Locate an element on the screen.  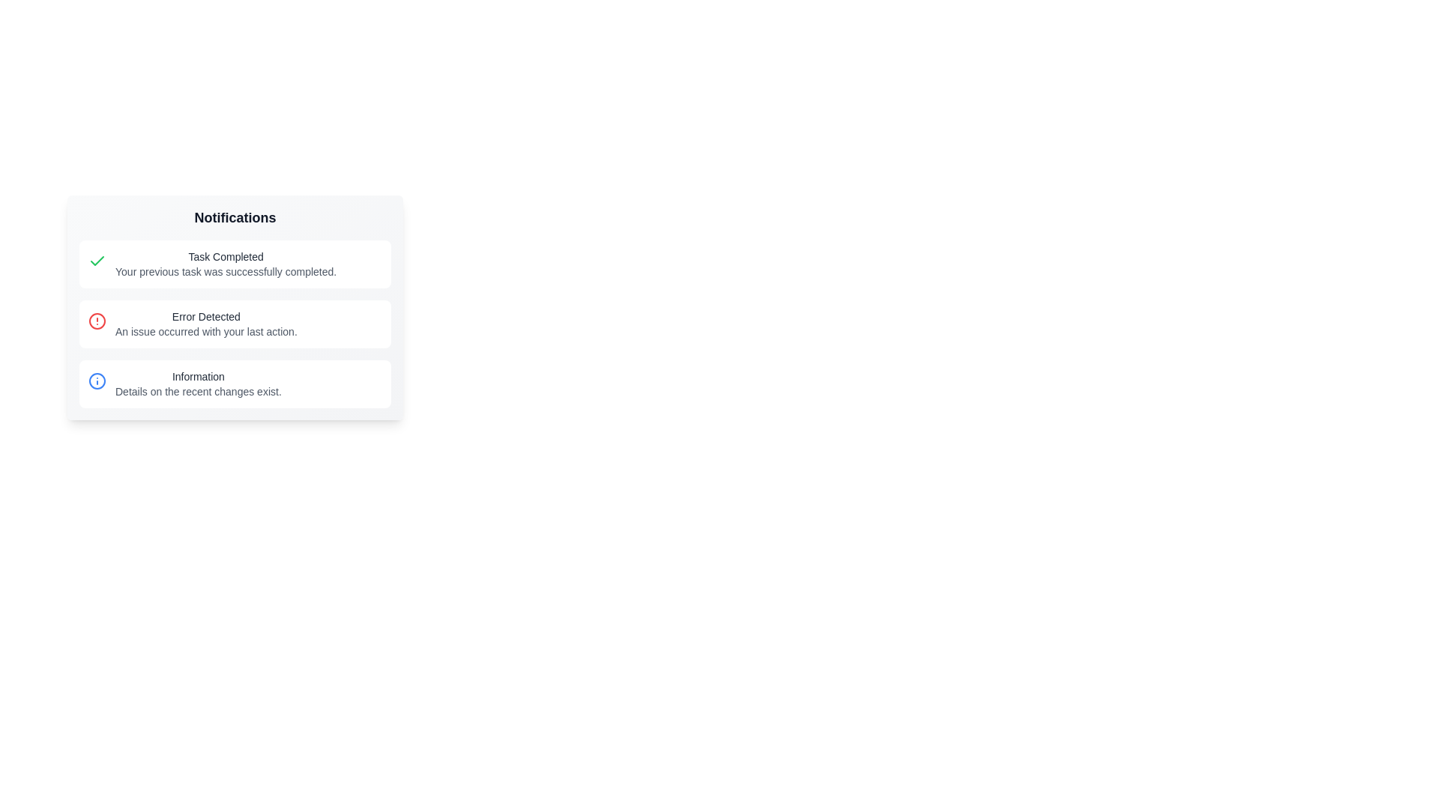
the green checkmark icon representing a completed task within the 'Task Completed' notification at the top of the notifications list is located at coordinates (96, 260).